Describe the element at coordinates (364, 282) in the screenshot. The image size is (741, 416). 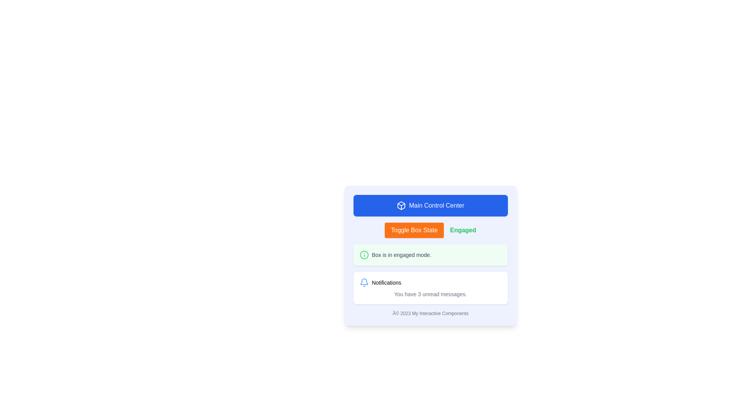
I see `the decorative blue bell icon in the notification section, which is part of the notification bar located beneath the 'Main Control Center' title` at that location.